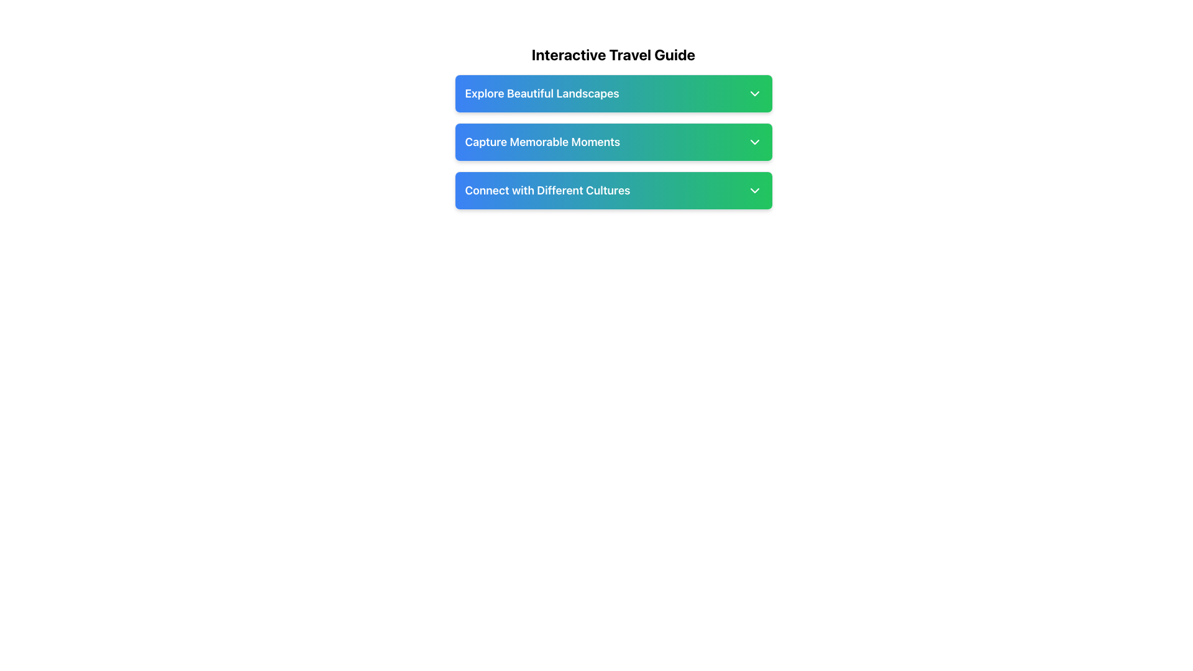 The image size is (1193, 671). Describe the element at coordinates (613, 141) in the screenshot. I see `the second expandable panel labeled 'Capture Memorable Moments'` at that location.